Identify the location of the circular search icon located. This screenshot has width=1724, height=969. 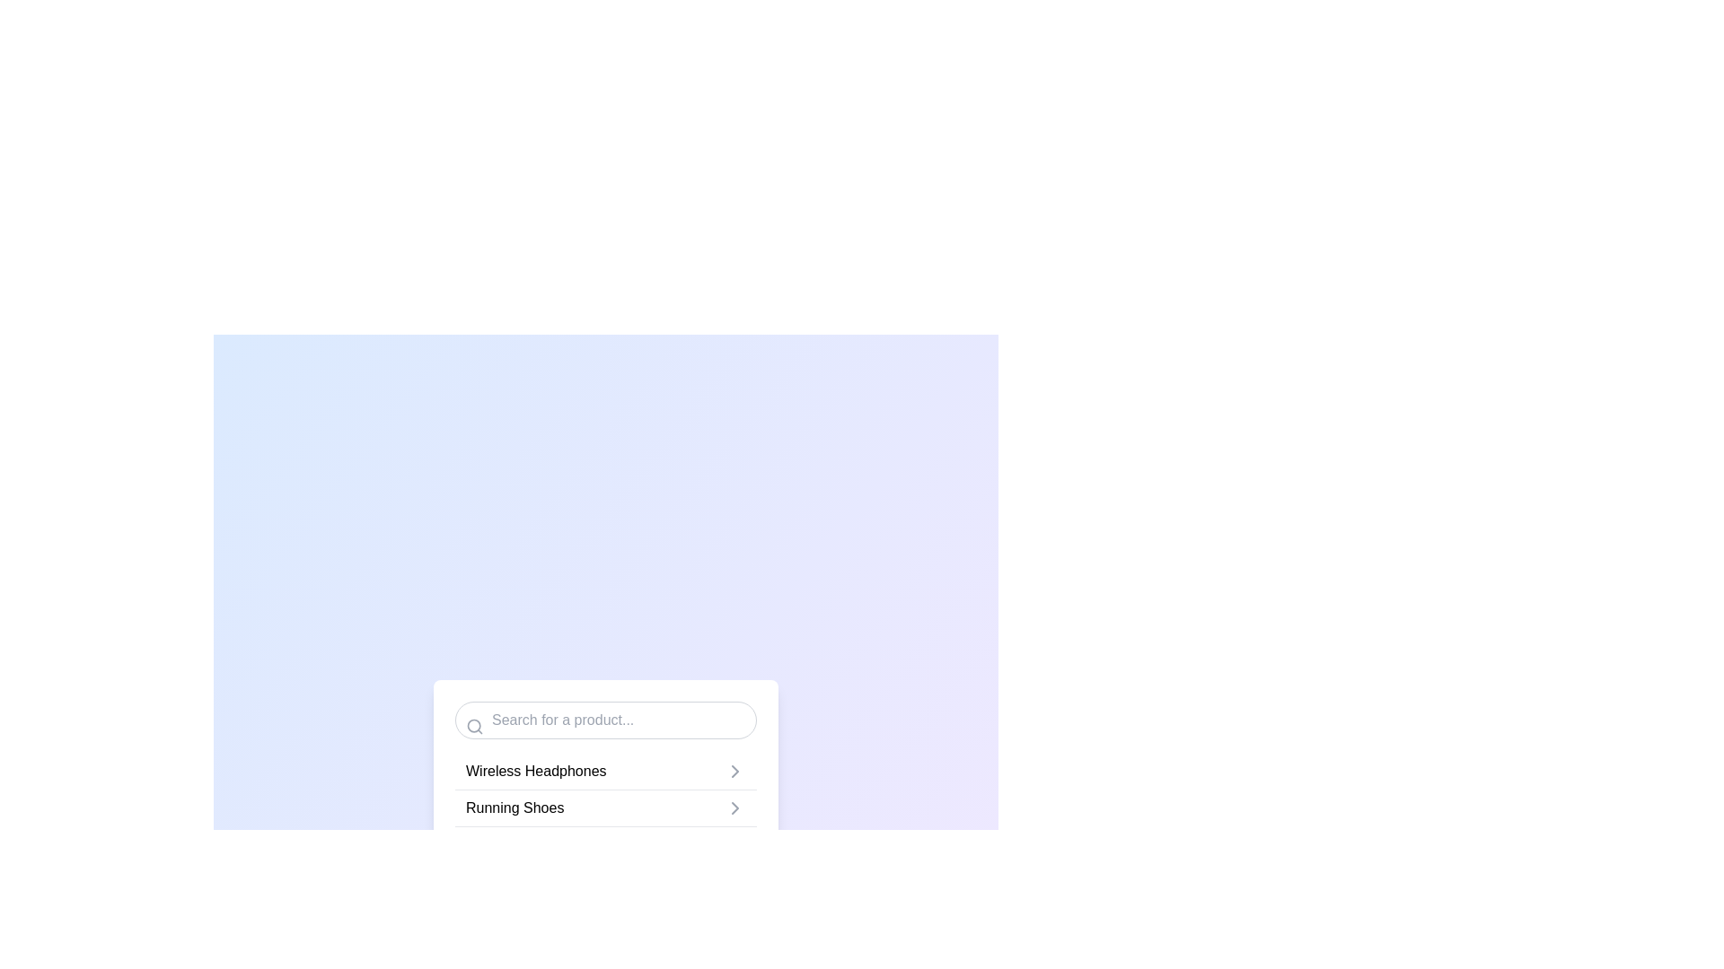
(474, 725).